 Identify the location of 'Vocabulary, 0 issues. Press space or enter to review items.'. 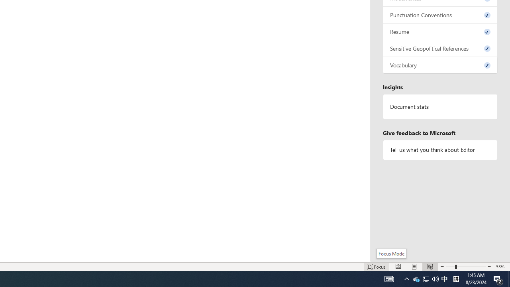
(440, 65).